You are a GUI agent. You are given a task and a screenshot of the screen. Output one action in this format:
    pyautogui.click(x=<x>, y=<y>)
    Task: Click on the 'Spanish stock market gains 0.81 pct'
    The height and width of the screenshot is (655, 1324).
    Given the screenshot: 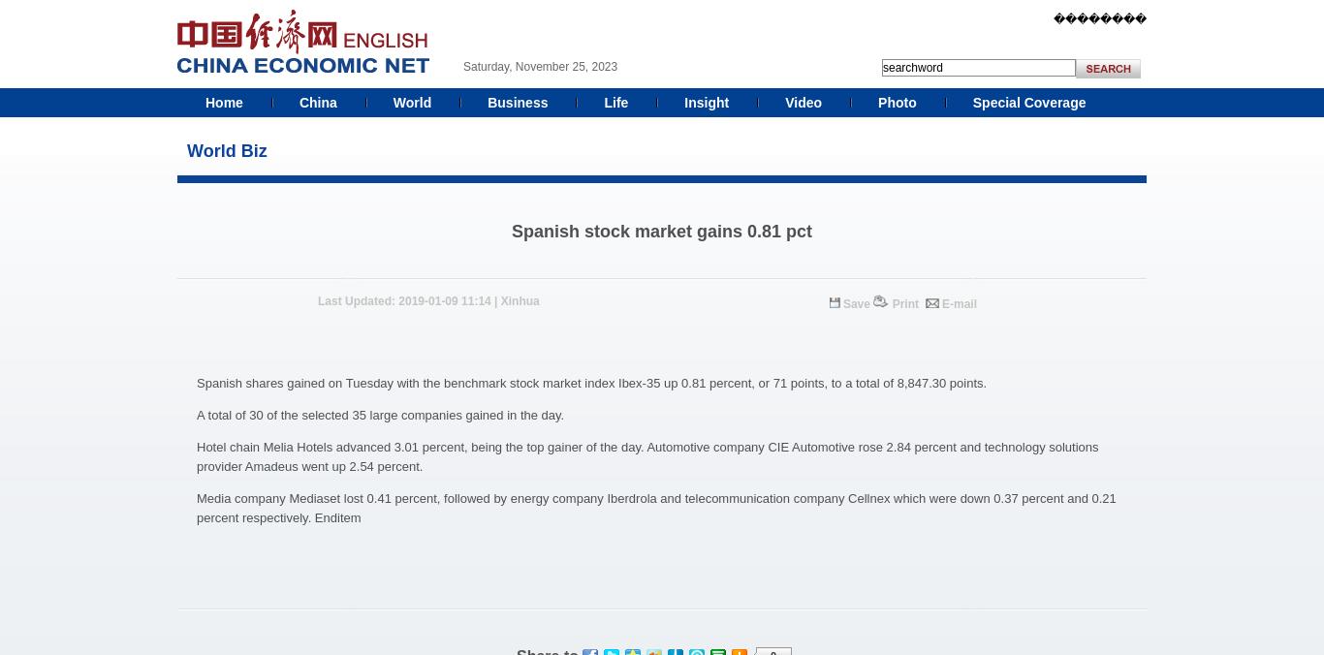 What is the action you would take?
    pyautogui.click(x=660, y=231)
    